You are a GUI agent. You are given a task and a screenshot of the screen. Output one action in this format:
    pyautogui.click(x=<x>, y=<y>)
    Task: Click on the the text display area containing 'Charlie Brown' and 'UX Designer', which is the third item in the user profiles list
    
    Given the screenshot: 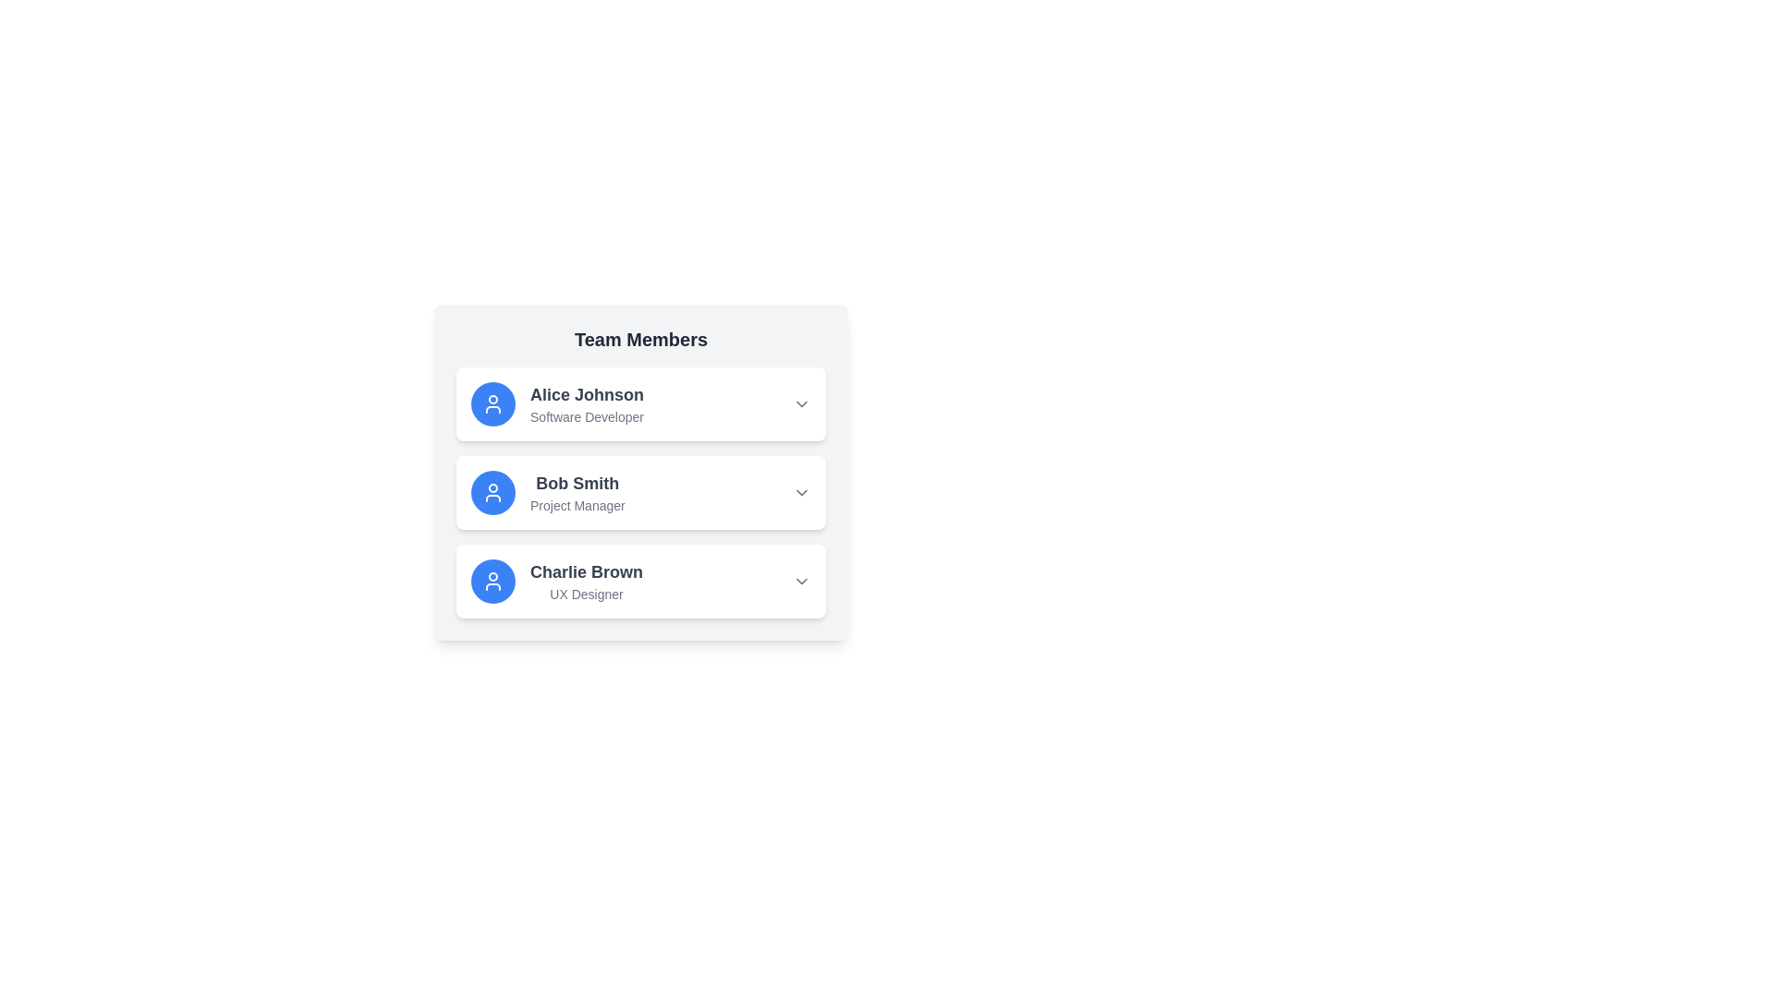 What is the action you would take?
    pyautogui.click(x=585, y=580)
    